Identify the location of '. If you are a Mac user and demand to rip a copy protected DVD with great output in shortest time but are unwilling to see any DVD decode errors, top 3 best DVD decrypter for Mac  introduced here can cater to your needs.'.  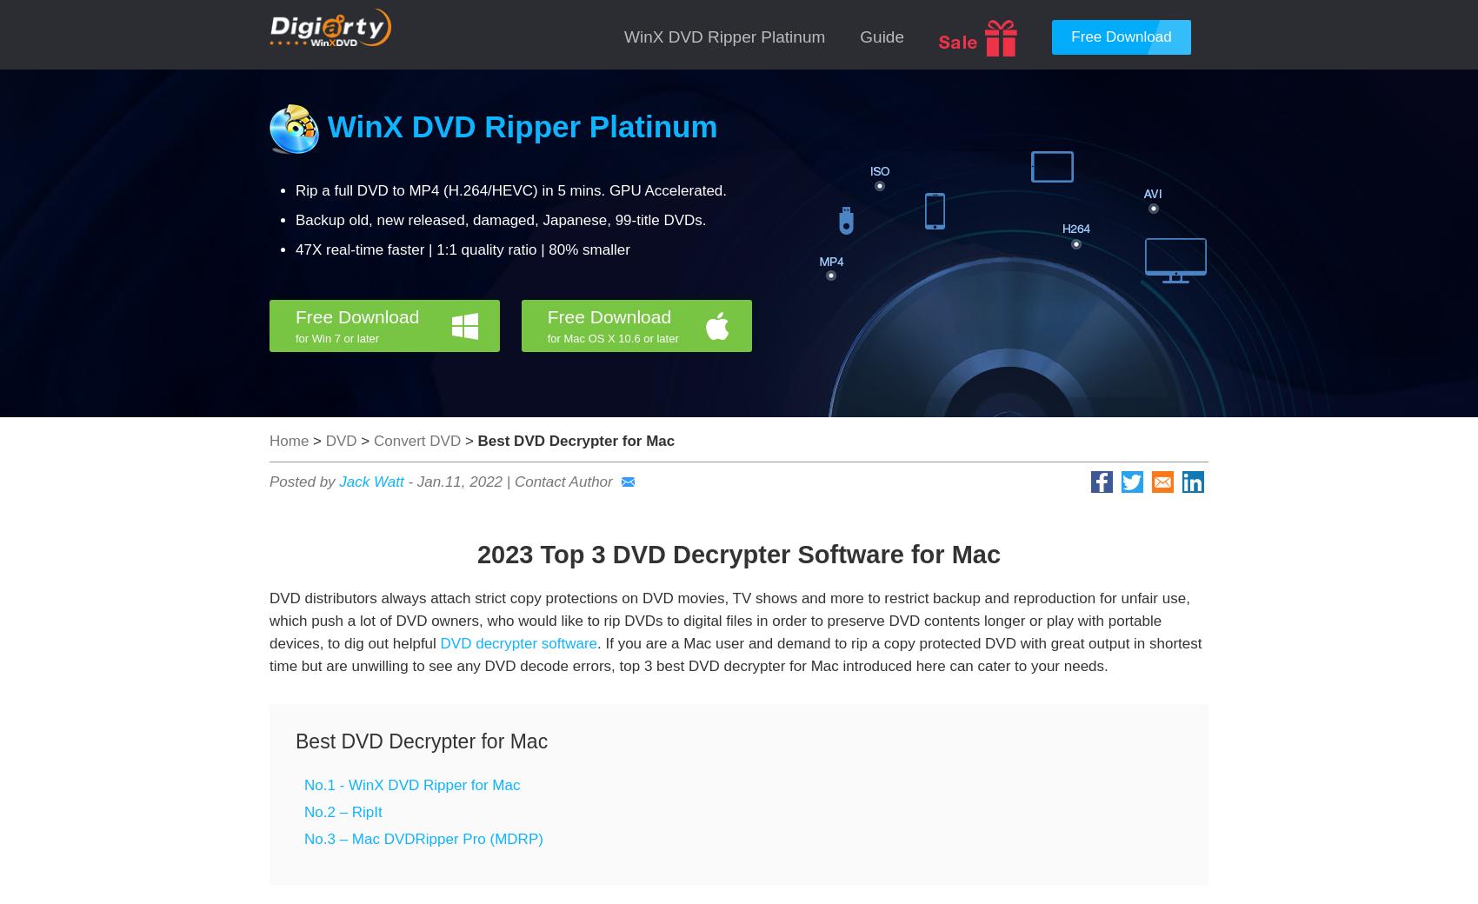
(734, 655).